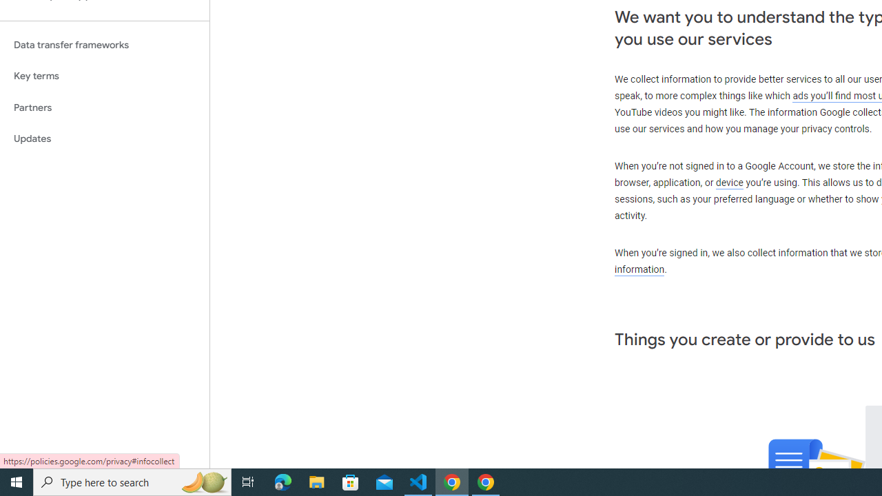  Describe the element at coordinates (104, 138) in the screenshot. I see `'Updates'` at that location.